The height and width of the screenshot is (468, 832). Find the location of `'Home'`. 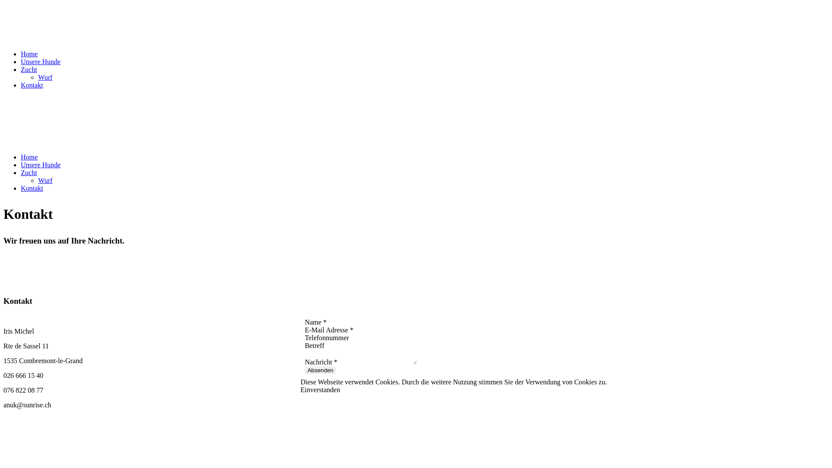

'Home' is located at coordinates (29, 157).